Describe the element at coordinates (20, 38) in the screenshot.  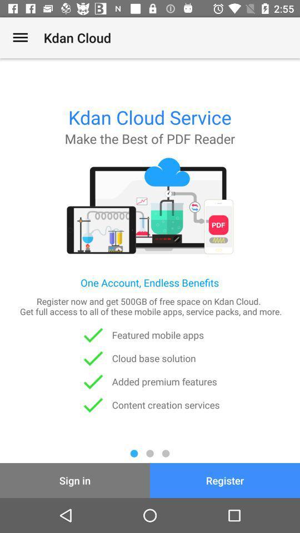
I see `icon above the register now and item` at that location.